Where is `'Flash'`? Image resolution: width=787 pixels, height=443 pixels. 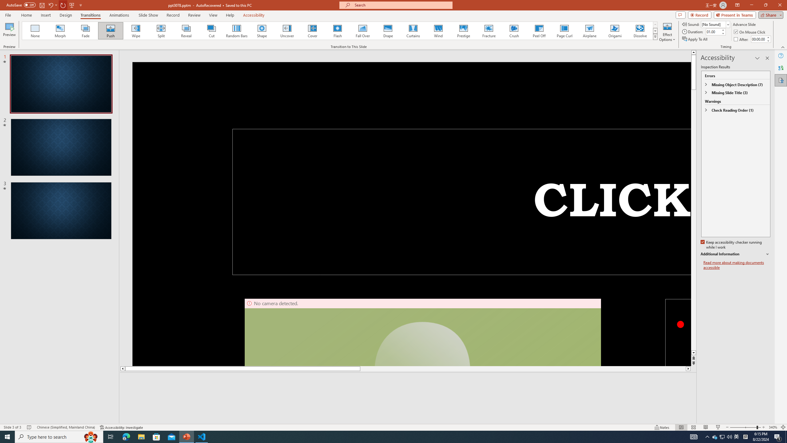
'Flash' is located at coordinates (337, 30).